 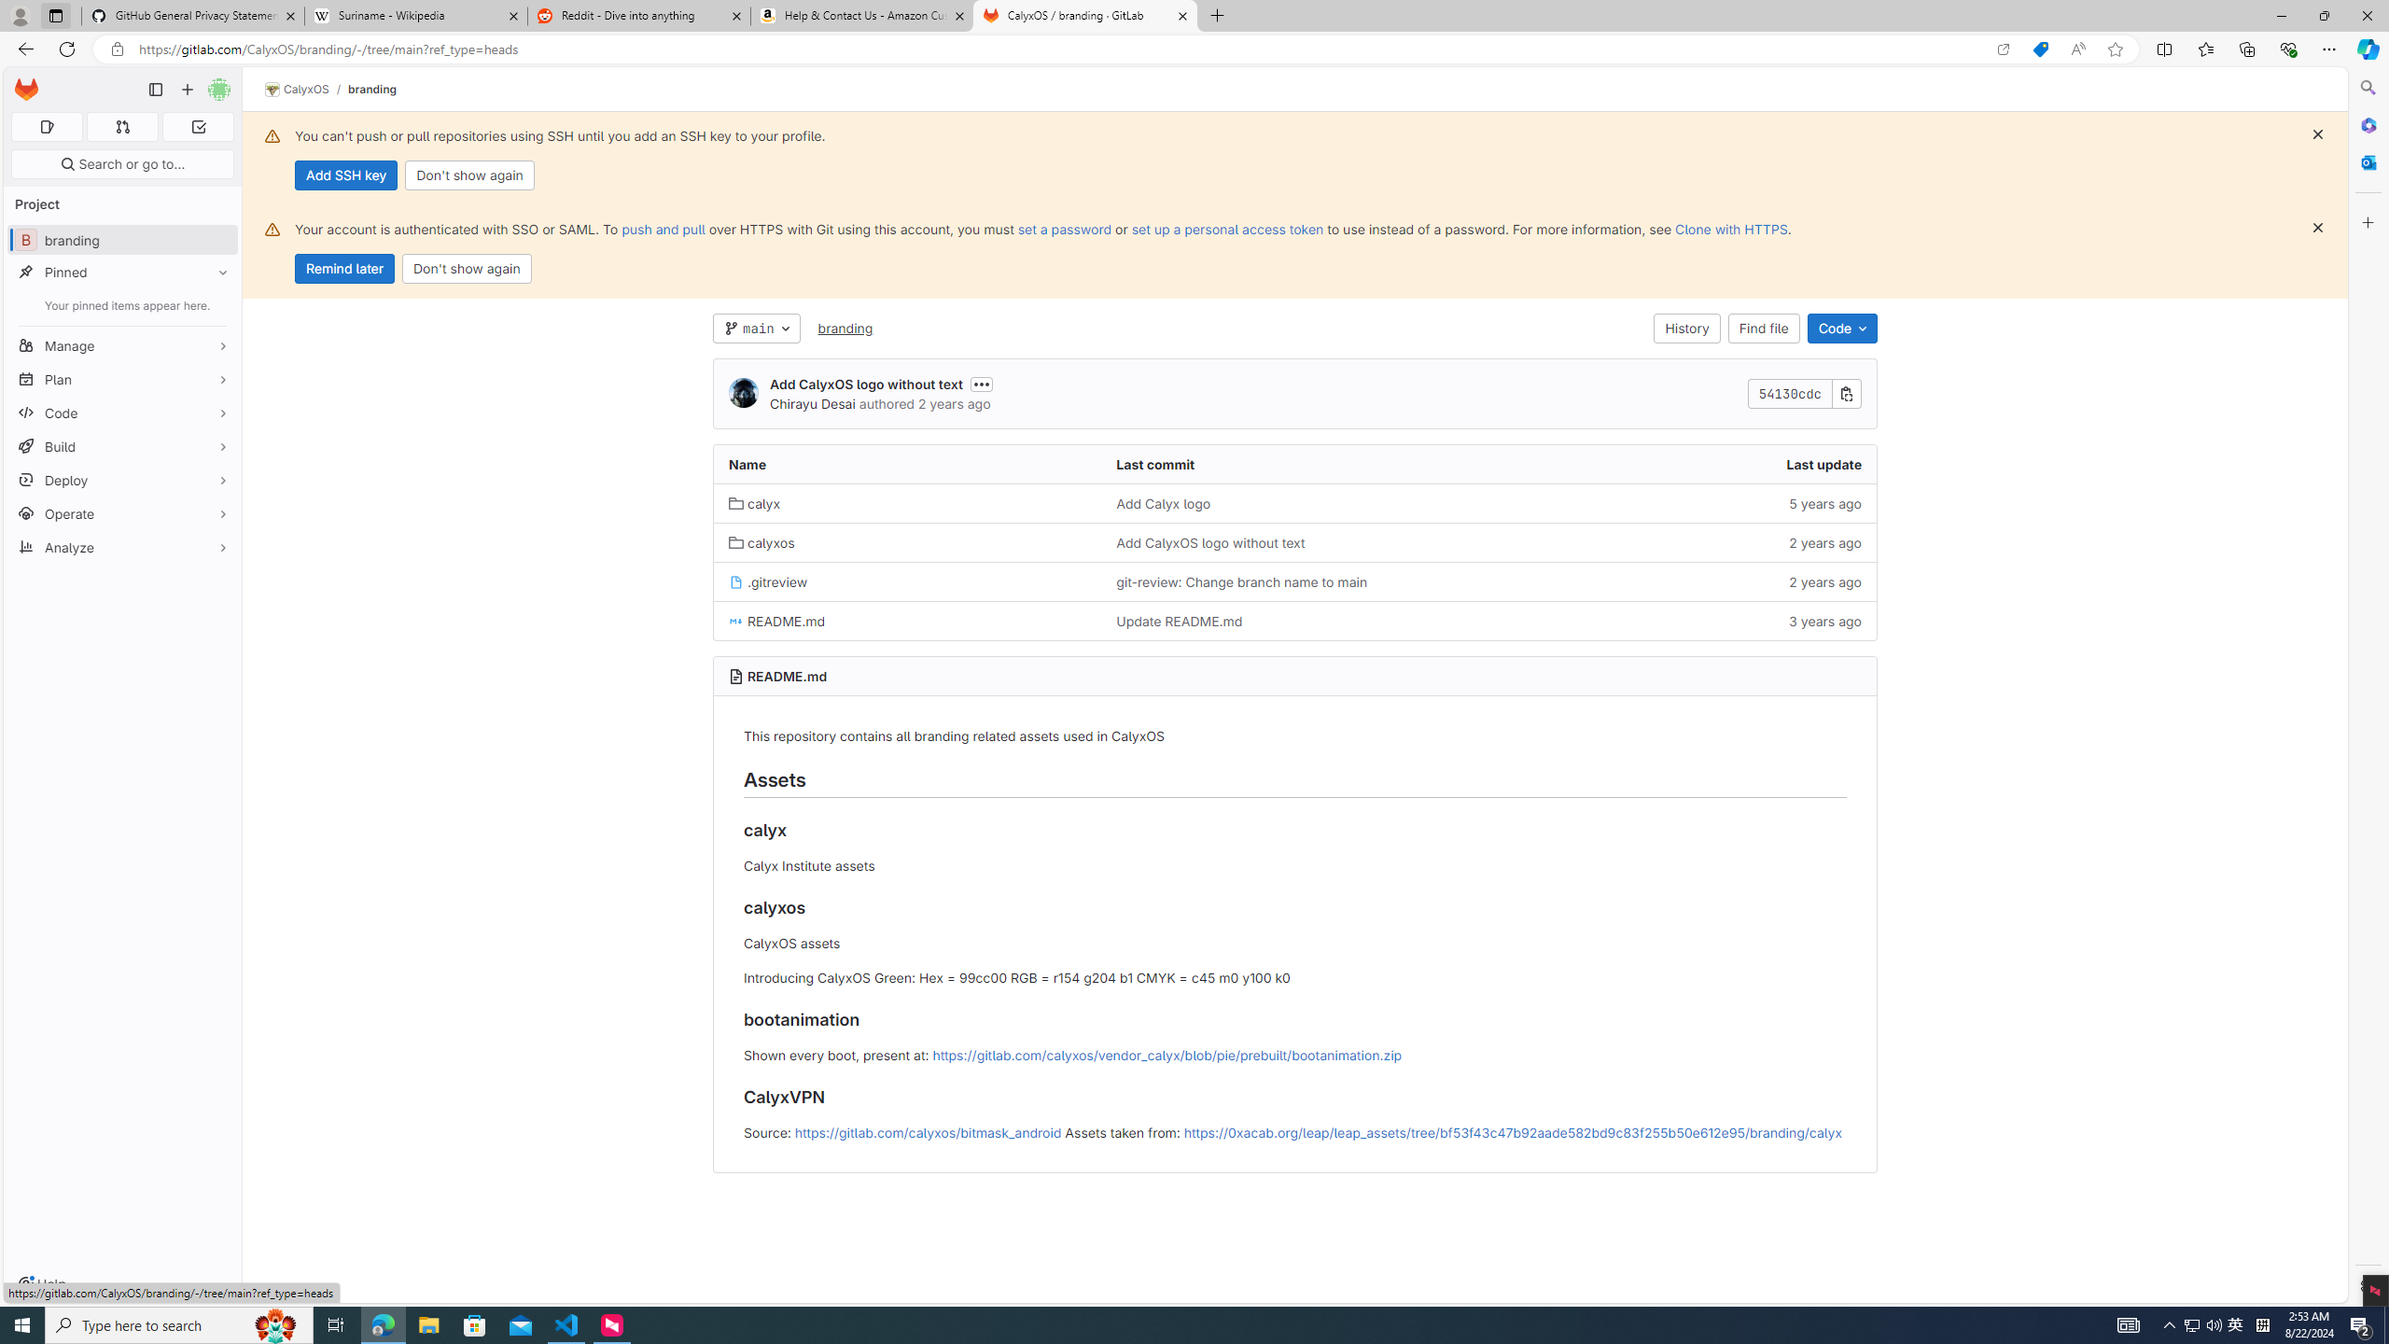 What do you see at coordinates (2317, 228) in the screenshot?
I see `'Dismiss'` at bounding box center [2317, 228].